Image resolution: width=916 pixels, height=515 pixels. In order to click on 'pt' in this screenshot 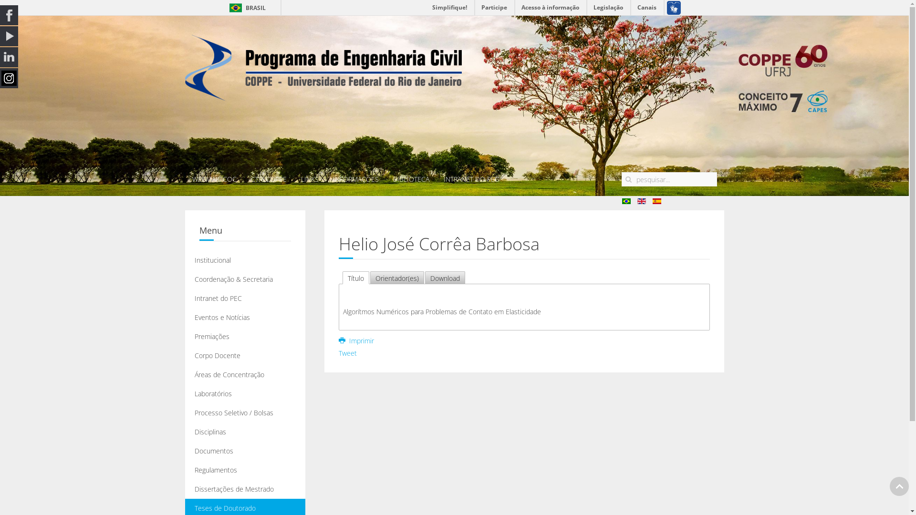, I will do `click(626, 200)`.